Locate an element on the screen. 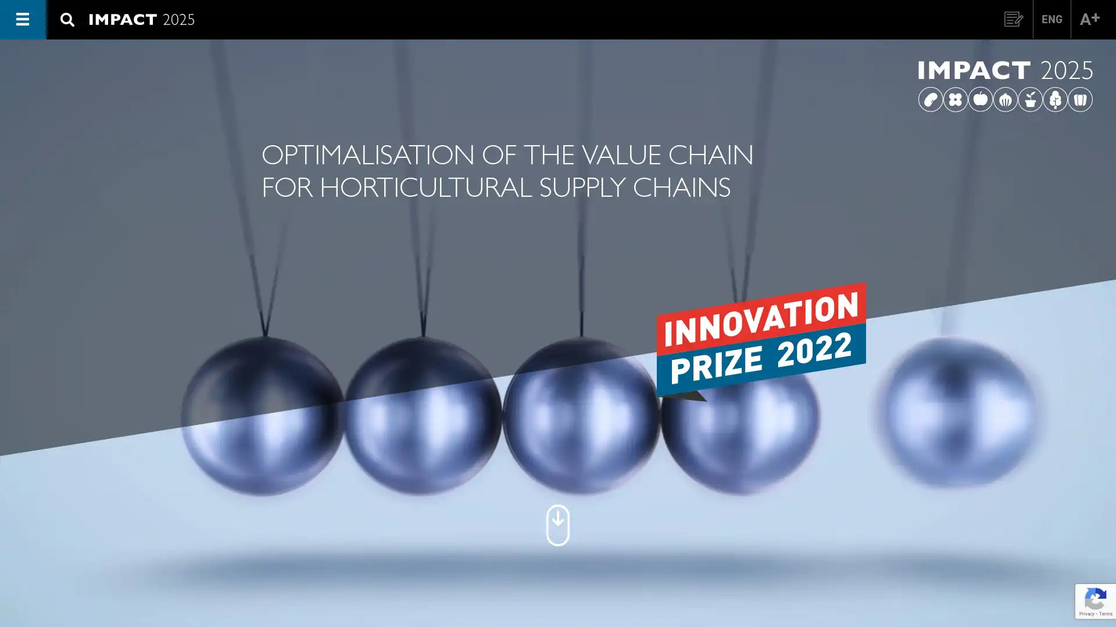 The image size is (1116, 627). Search is located at coordinates (1059, 82).